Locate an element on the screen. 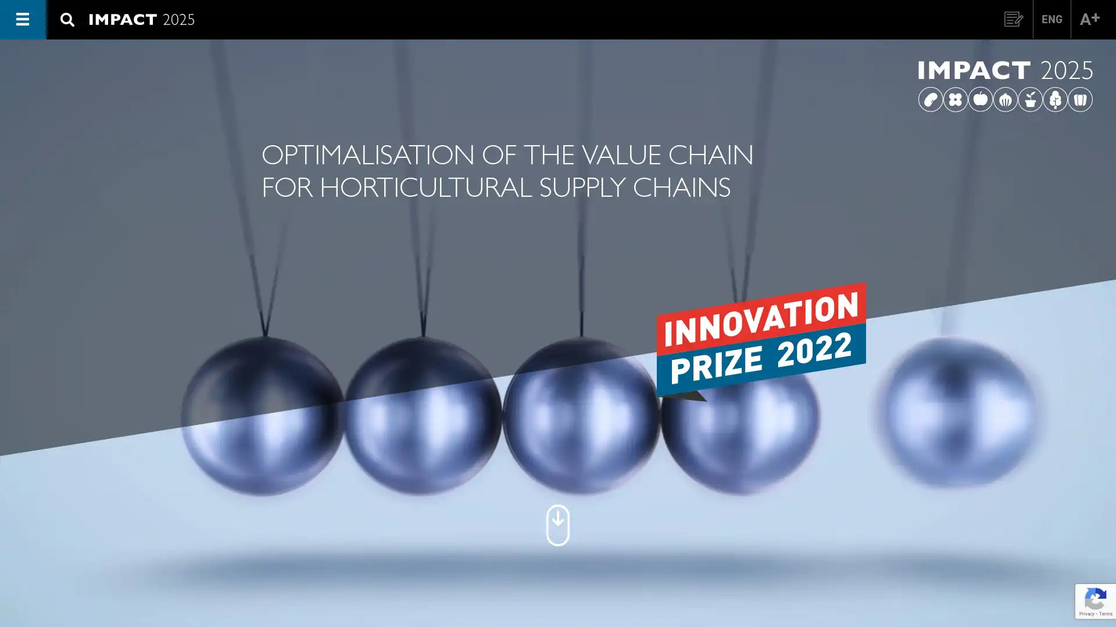 The image size is (1116, 627). Search is located at coordinates (1059, 82).